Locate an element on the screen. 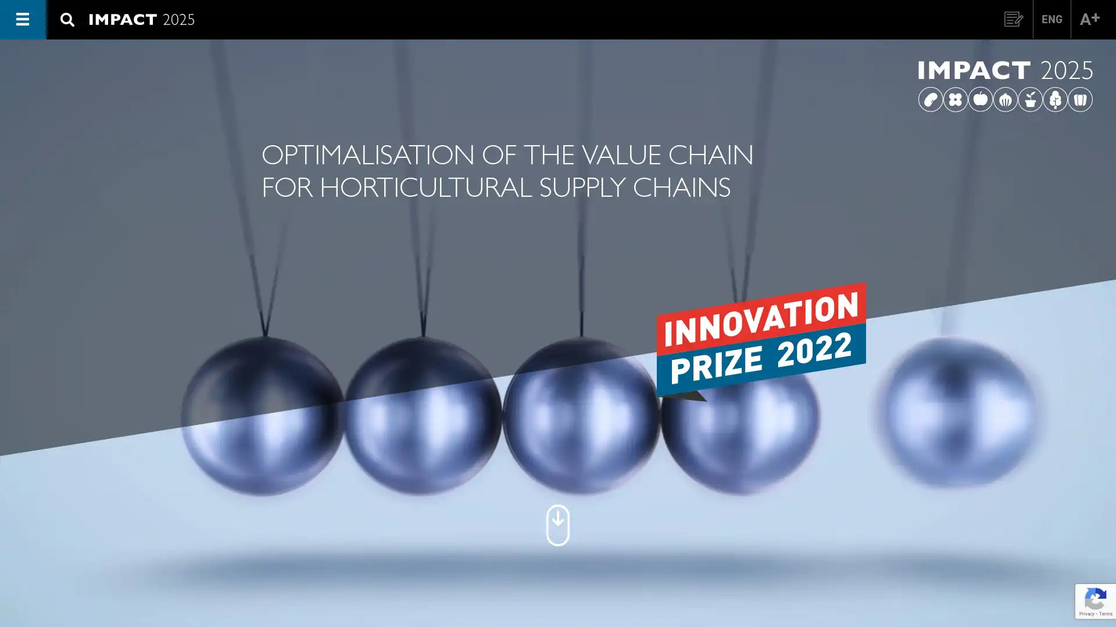 The image size is (1116, 627). Search is located at coordinates (1059, 82).